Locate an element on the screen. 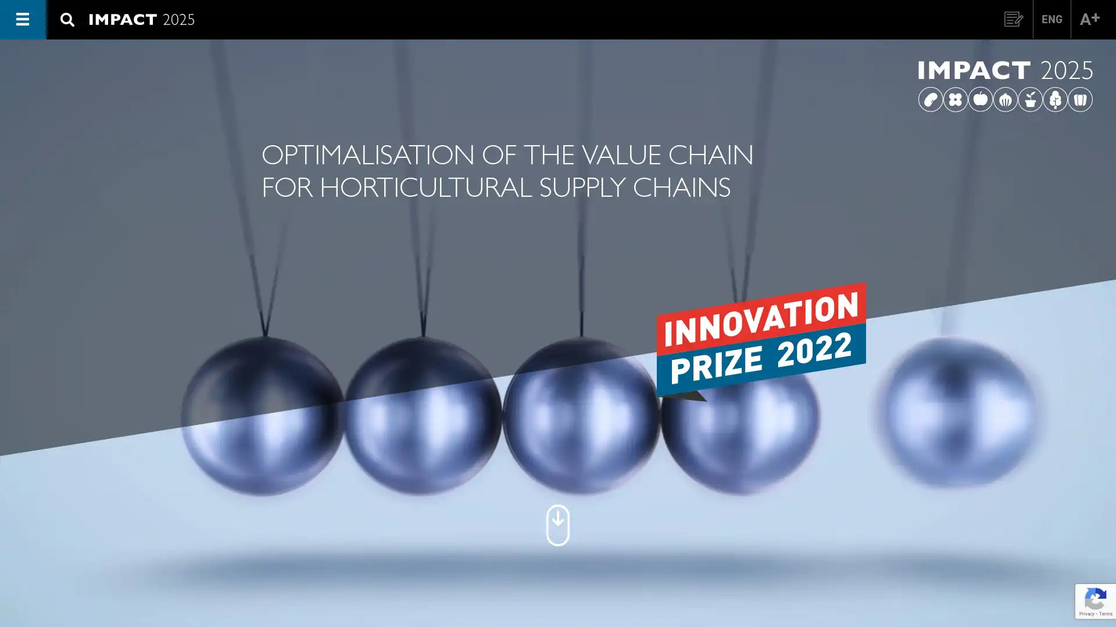 The image size is (1116, 627). Search is located at coordinates (1059, 82).